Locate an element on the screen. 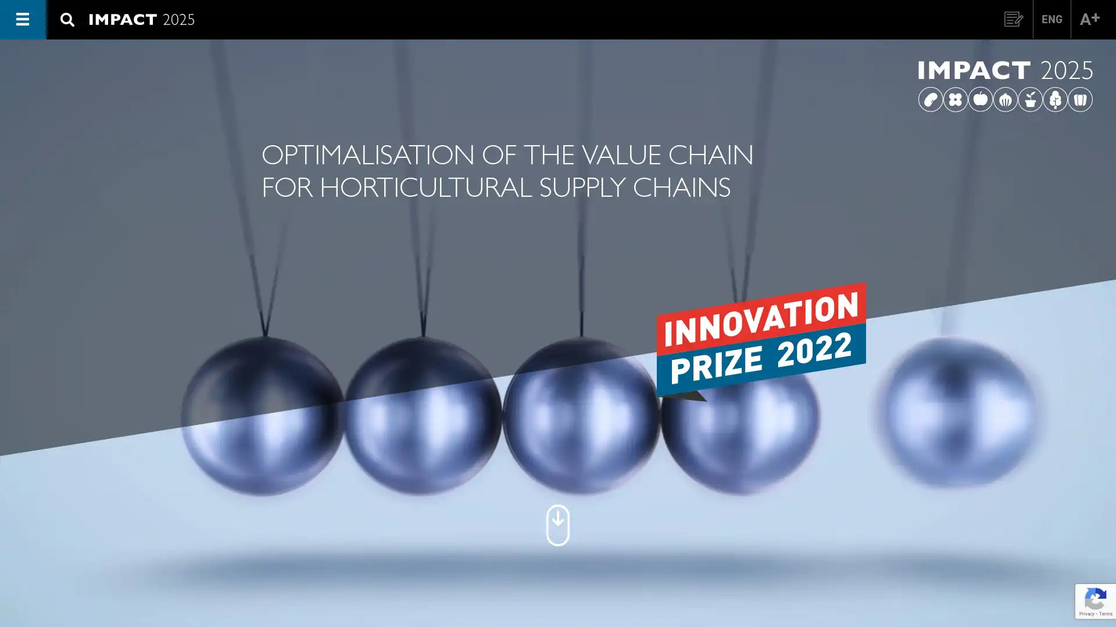 The image size is (1116, 627). Search is located at coordinates (1059, 82).